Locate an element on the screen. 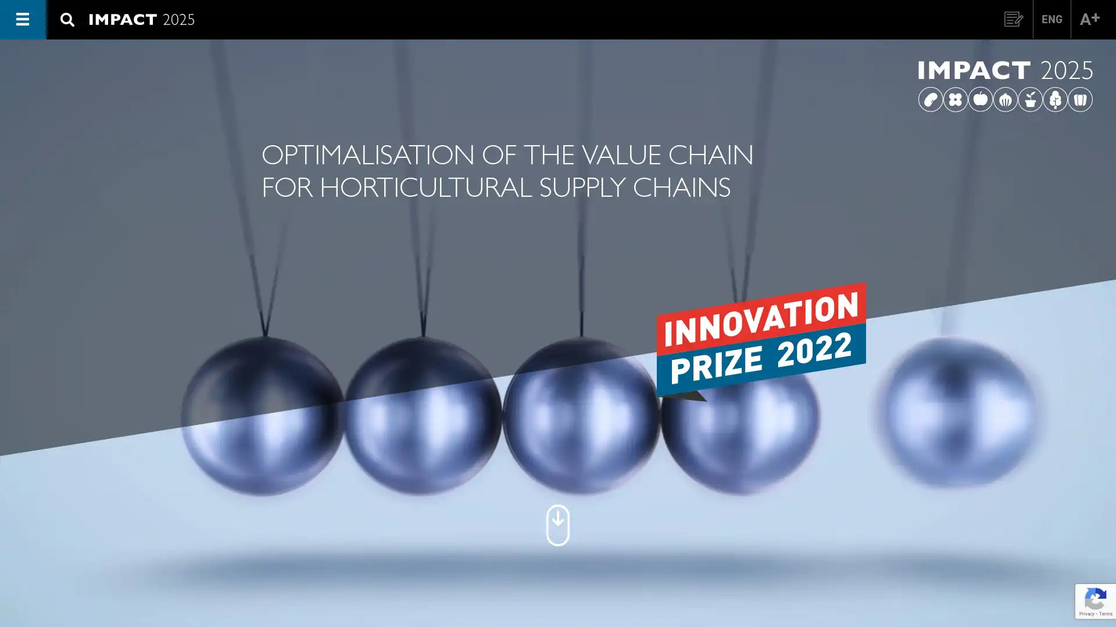 The image size is (1116, 627). Search is located at coordinates (1059, 82).